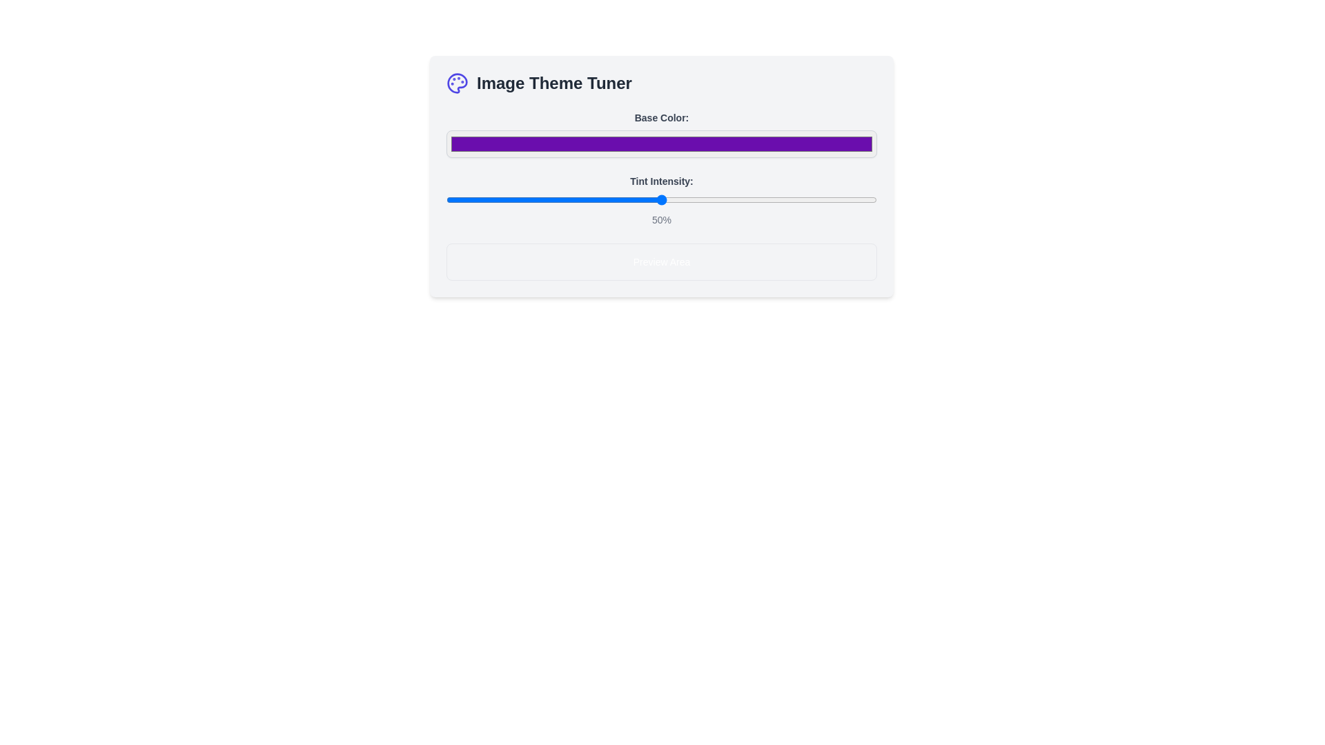  I want to click on the text label 'Base Color:' which is styled in a bold, grayish font and positioned above the color input box in the 'Image Theme Tuner' section to possibly reveal additional information, so click(661, 117).